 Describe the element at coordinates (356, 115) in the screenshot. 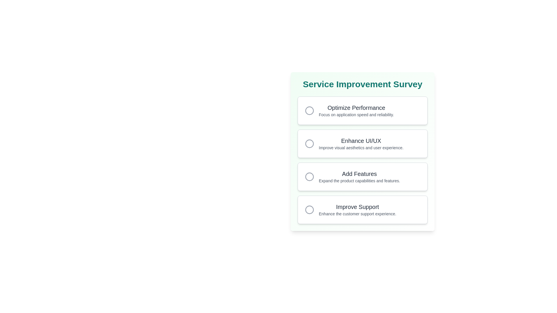

I see `descriptive text that reads 'Focus on application speed and reliability.' located beneath the heading 'Optimize Performance.'` at that location.